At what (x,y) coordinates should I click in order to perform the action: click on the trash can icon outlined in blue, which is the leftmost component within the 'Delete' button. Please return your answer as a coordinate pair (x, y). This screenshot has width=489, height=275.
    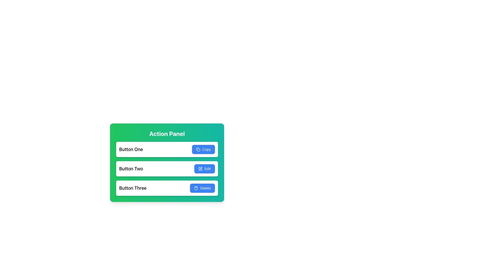
    Looking at the image, I should click on (196, 188).